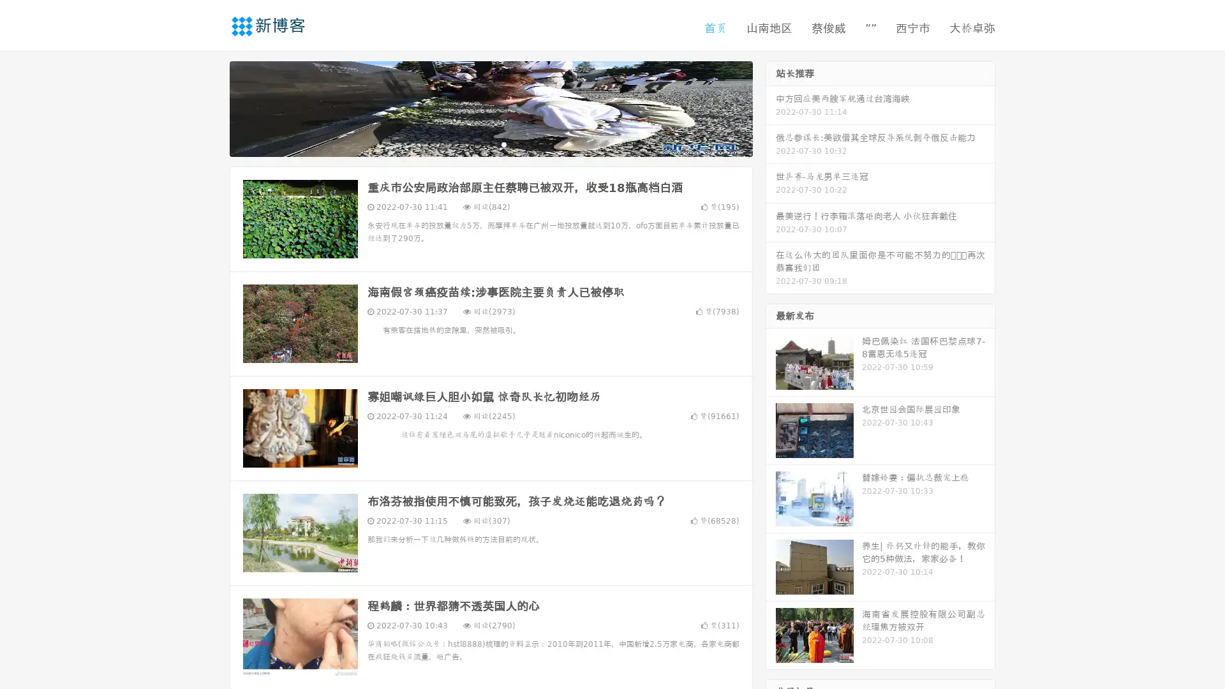 Image resolution: width=1225 pixels, height=689 pixels. What do you see at coordinates (490, 144) in the screenshot?
I see `Go to slide 2` at bounding box center [490, 144].